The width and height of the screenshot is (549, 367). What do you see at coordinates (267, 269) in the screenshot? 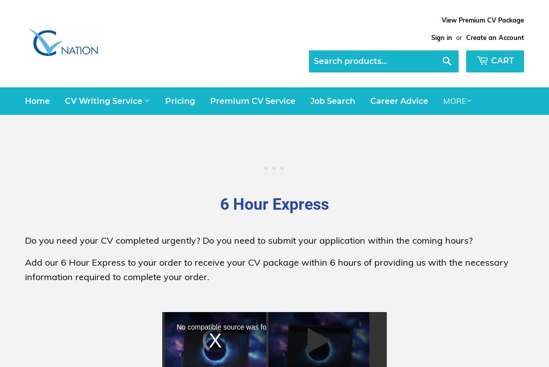
I see `'Add our 6 Hour Express to your order to receive your CV package within 6 hours of providing us with the necessary information required to complete your order.'` at bounding box center [267, 269].